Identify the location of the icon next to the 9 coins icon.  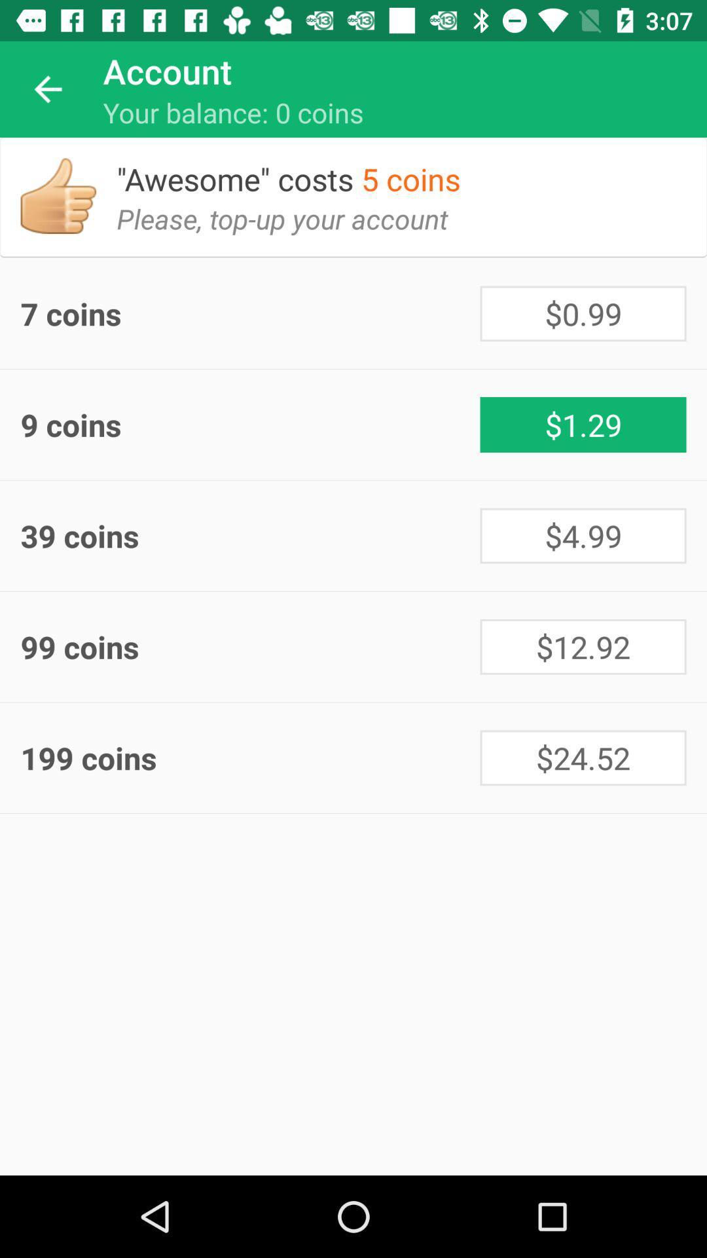
(583, 425).